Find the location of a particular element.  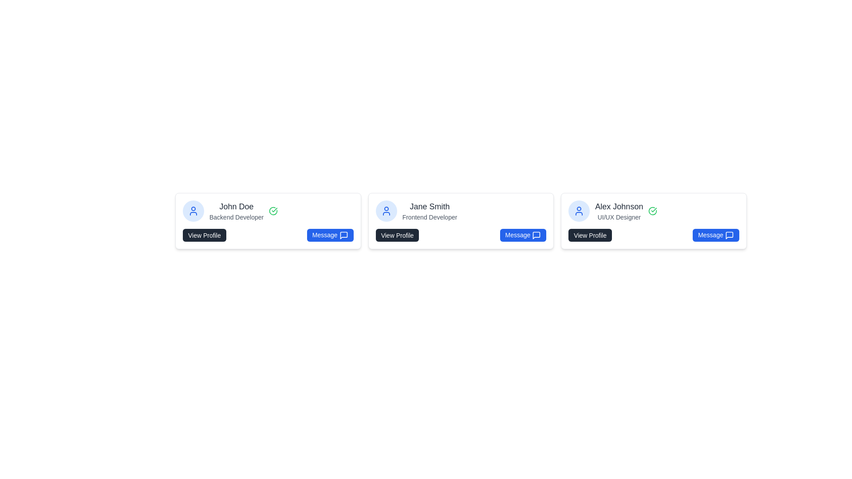

the text display element showing 'Jane Smith' and 'Frontend Developer', which is the second profile card in a group of three cards is located at coordinates (430, 211).